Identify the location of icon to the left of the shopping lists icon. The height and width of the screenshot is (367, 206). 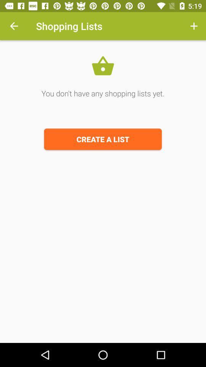
(14, 26).